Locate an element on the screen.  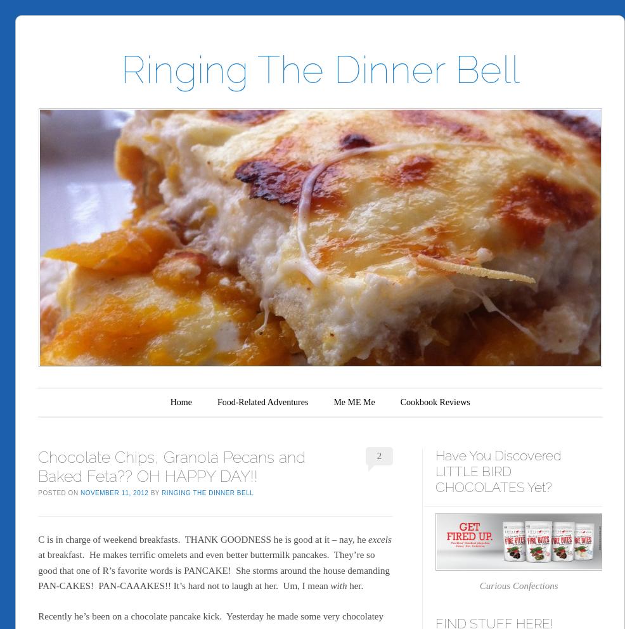
'Have You Discovered LITTLE BIRD CHOCOLATES Yet?' is located at coordinates (498, 471).